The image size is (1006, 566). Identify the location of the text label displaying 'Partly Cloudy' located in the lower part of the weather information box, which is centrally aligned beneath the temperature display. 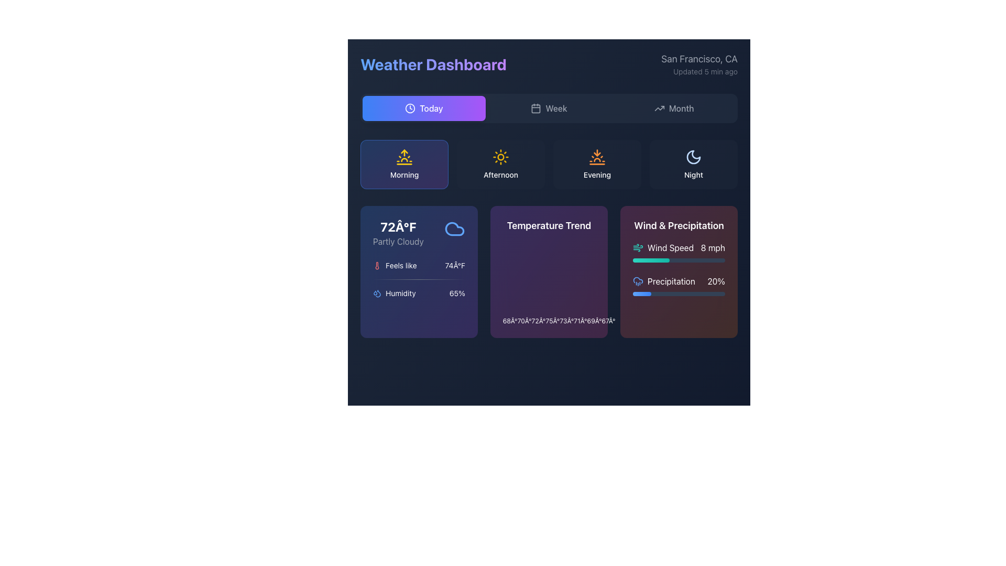
(398, 242).